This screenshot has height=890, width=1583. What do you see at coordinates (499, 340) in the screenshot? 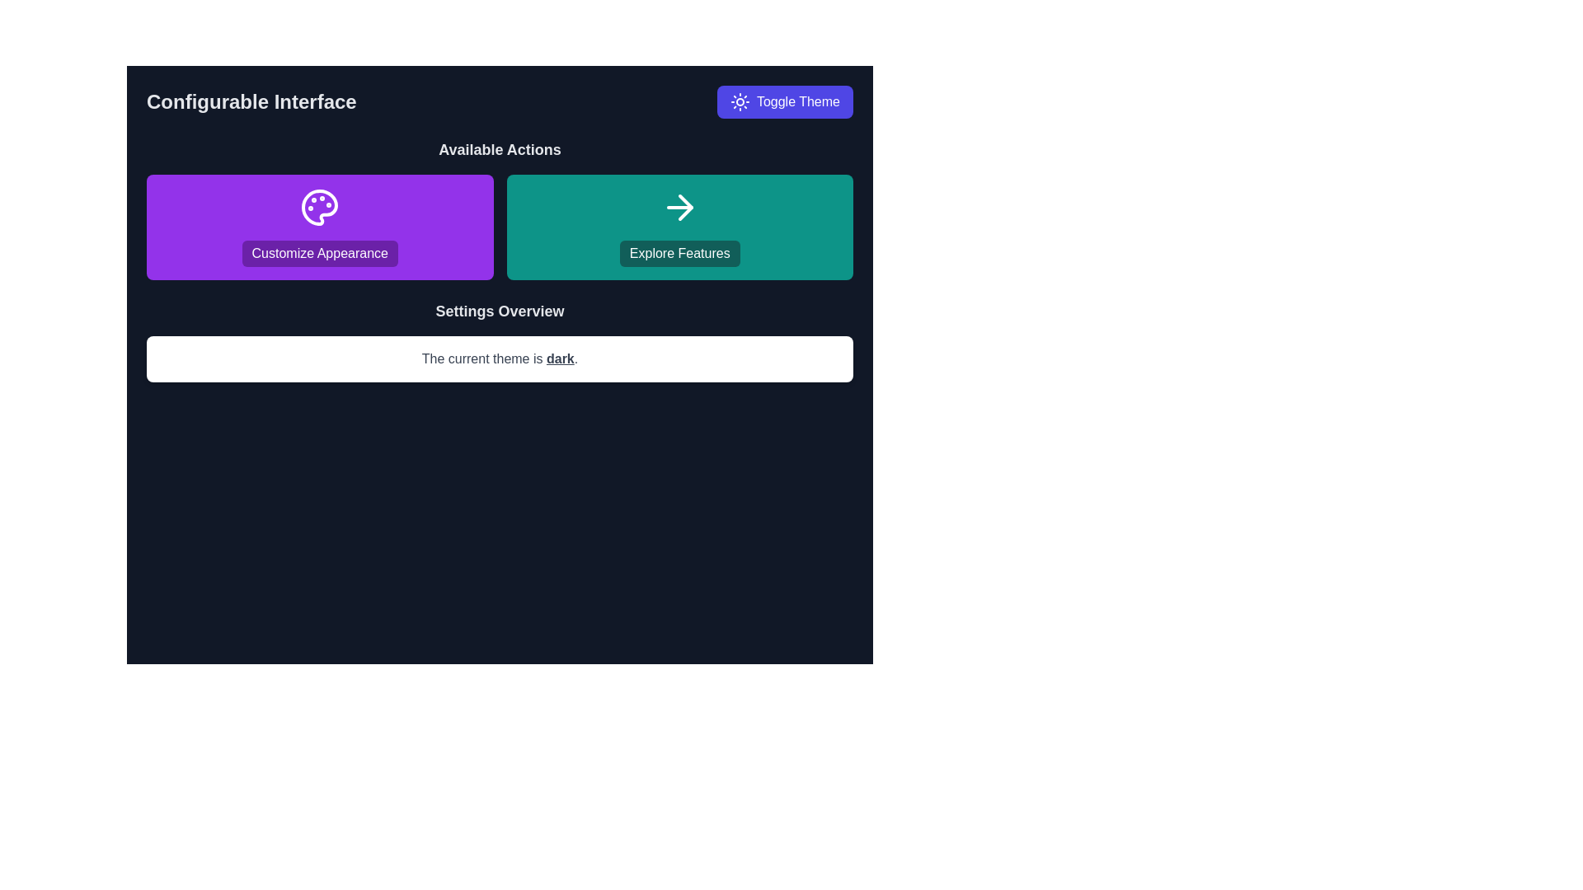
I see `the underlined word 'dark' in the text block that provides feedback about the current theme setting, located centrally near the bottom of the main visible area under 'Customize Appearance' and 'Explore Features.'` at bounding box center [499, 340].